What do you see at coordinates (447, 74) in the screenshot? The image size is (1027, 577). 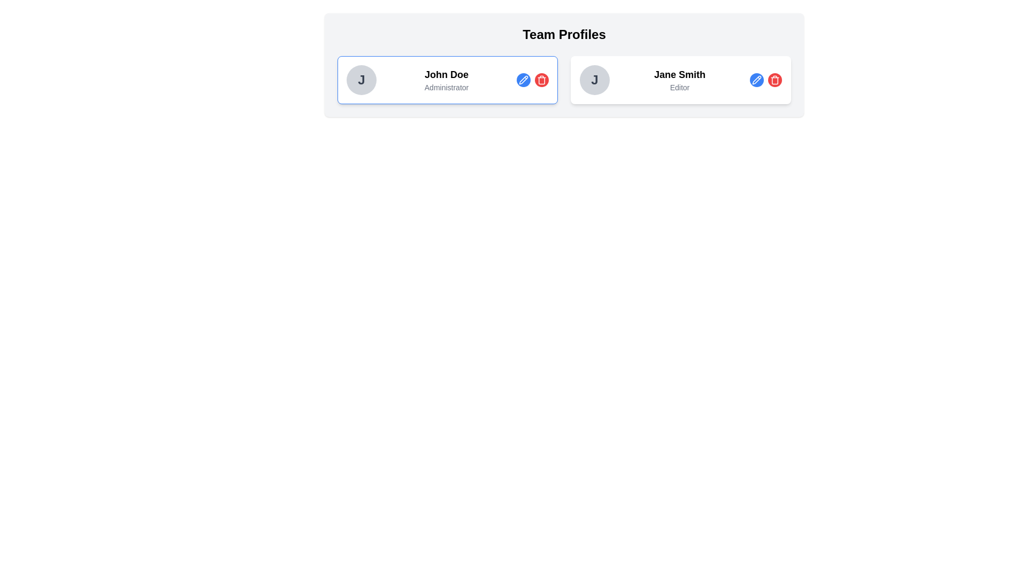 I see `the user's name text label located in the leftmost user profile card, directly above the text 'Administrator'` at bounding box center [447, 74].